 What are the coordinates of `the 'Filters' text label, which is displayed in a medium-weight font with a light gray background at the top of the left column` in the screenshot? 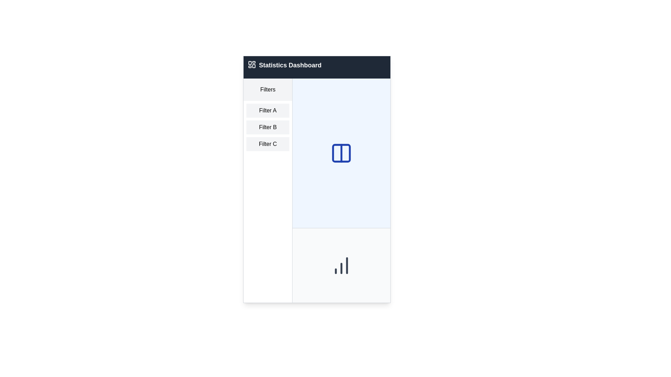 It's located at (267, 89).